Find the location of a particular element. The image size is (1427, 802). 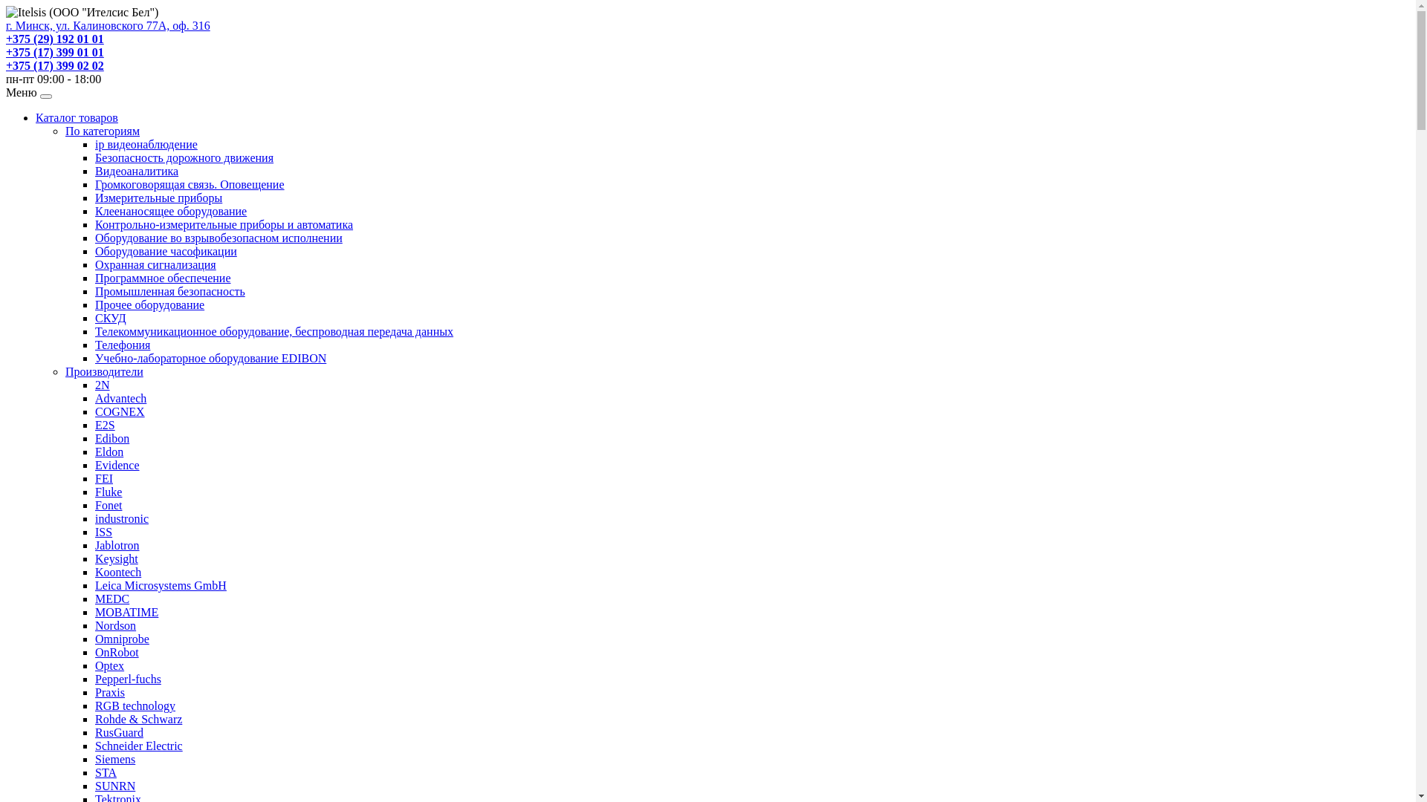

'OnRobot' is located at coordinates (116, 651).